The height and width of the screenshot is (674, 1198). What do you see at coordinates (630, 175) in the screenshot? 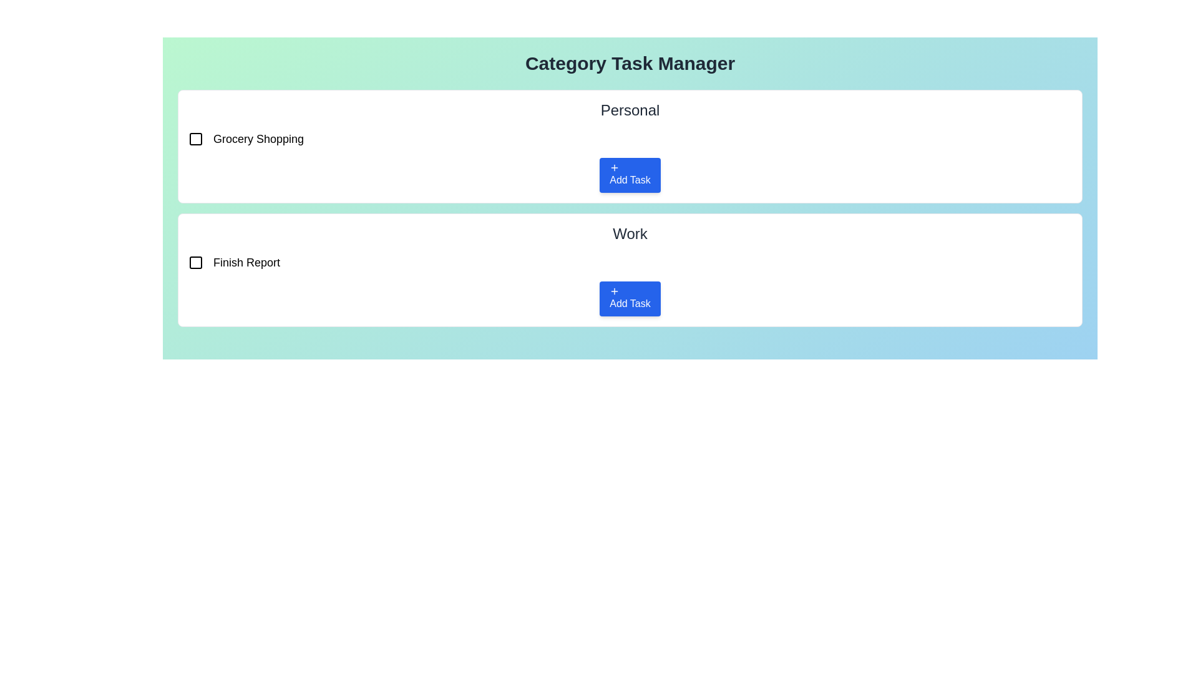
I see `the 'Add Task' button under the 'Personal' category` at bounding box center [630, 175].